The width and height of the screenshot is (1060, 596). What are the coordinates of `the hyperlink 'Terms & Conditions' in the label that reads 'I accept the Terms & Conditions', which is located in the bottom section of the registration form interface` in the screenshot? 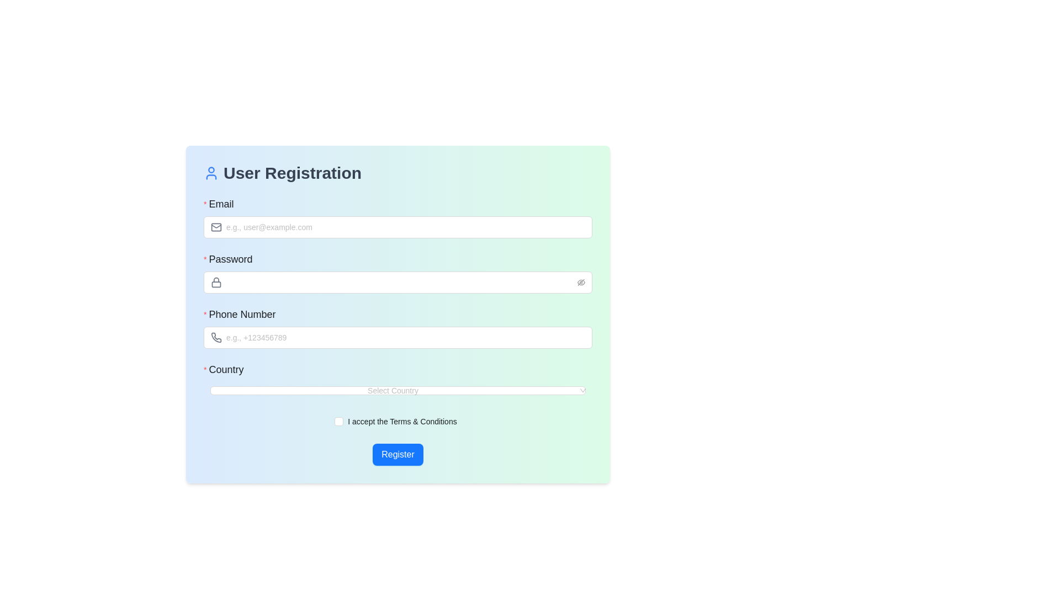 It's located at (402, 421).